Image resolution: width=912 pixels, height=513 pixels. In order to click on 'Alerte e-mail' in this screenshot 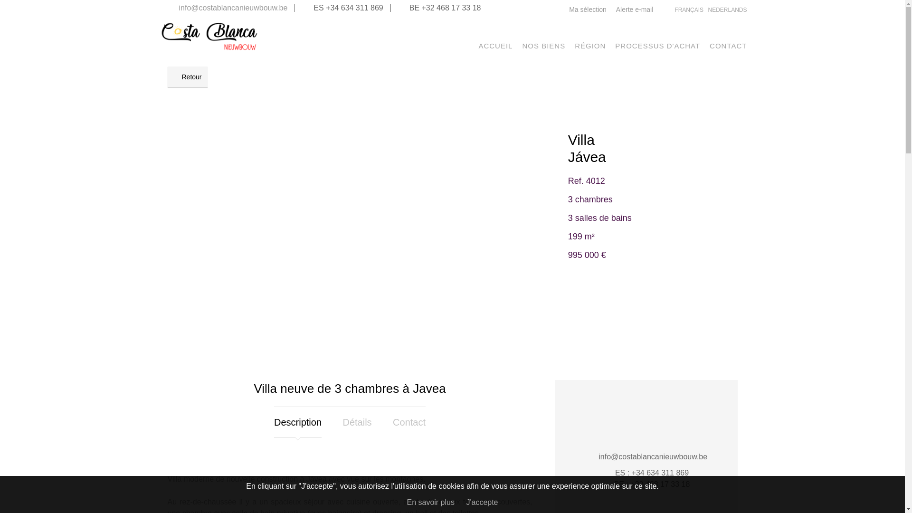, I will do `click(635, 9)`.